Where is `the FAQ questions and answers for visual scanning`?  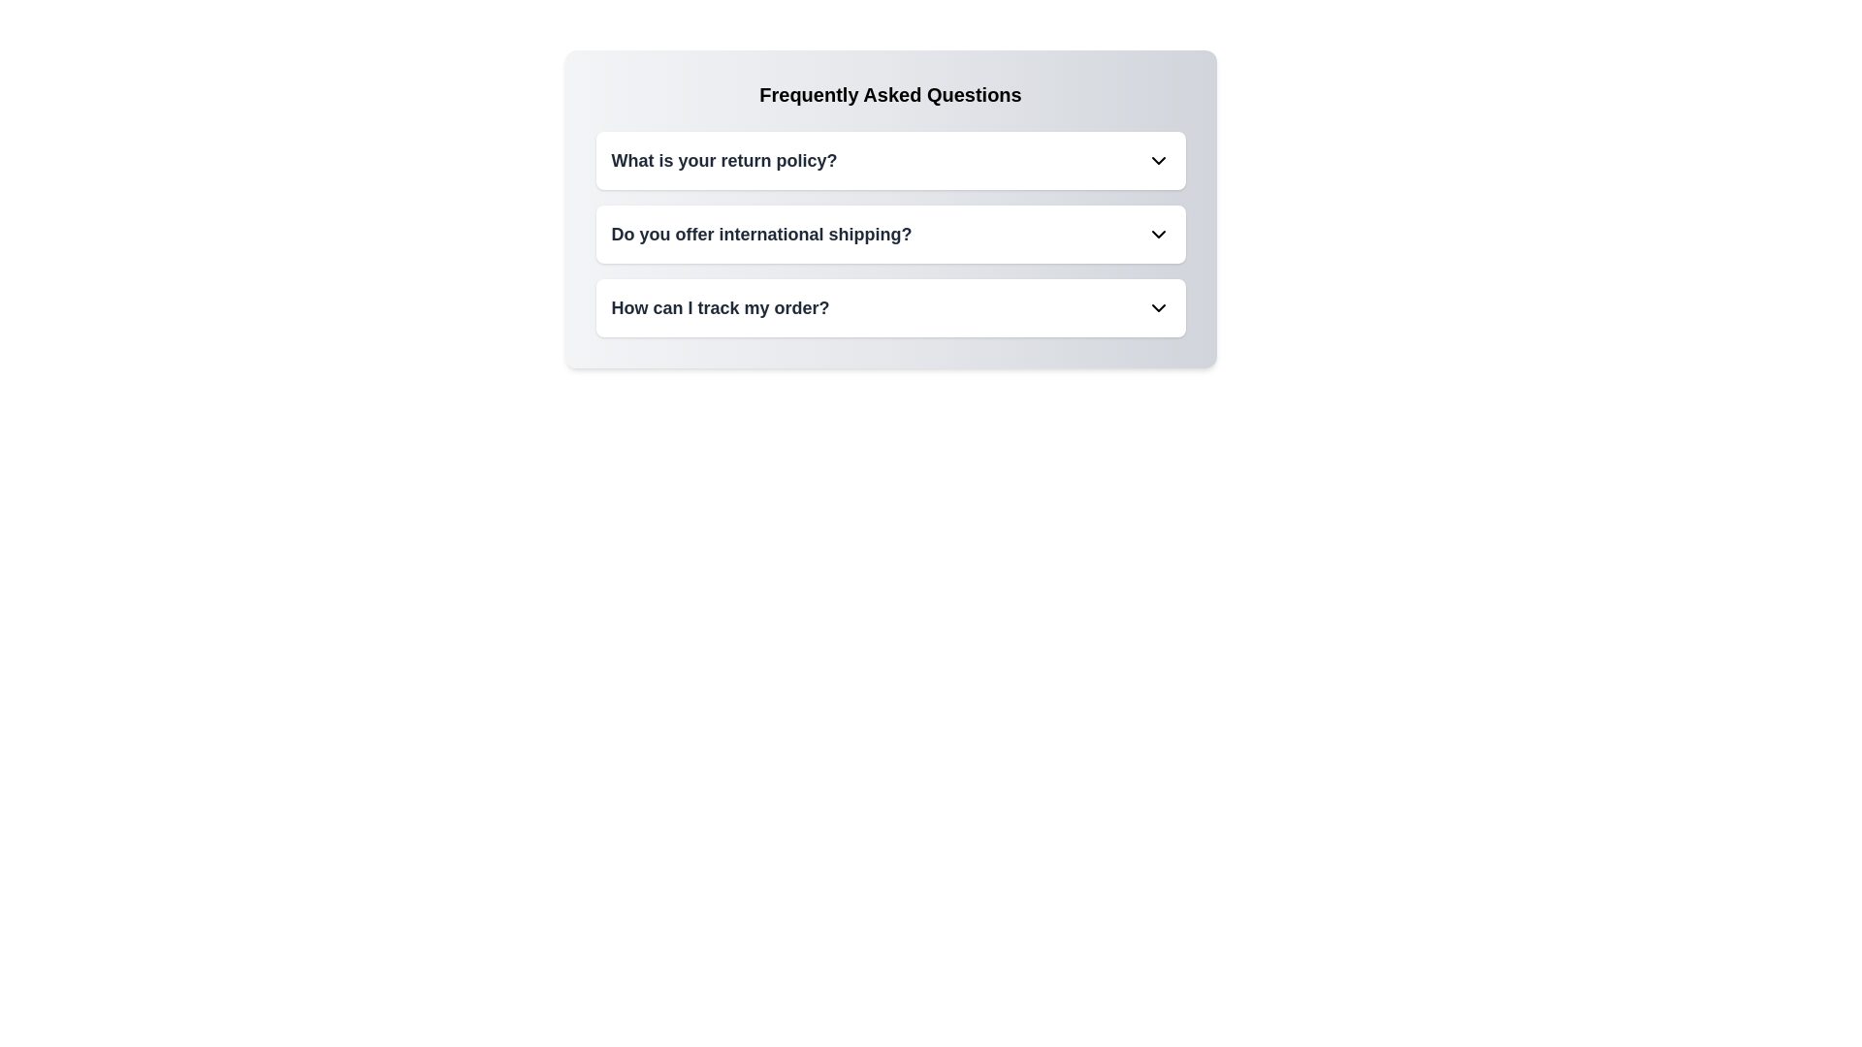
the FAQ questions and answers for visual scanning is located at coordinates (889, 159).